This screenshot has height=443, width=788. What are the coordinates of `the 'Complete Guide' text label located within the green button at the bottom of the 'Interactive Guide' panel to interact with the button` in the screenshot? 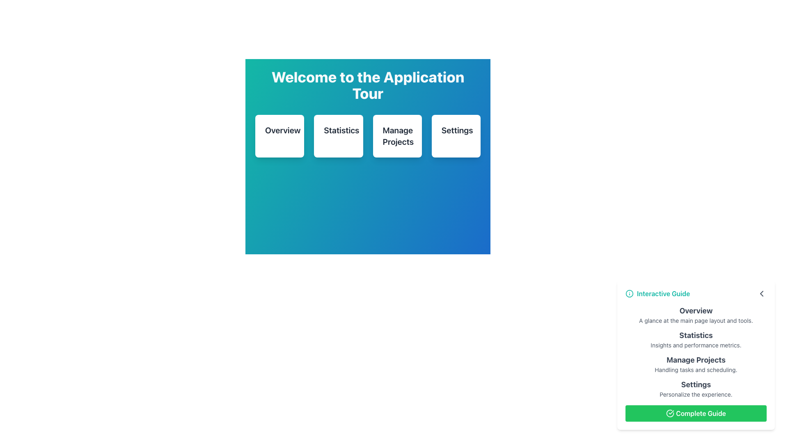 It's located at (701, 413).